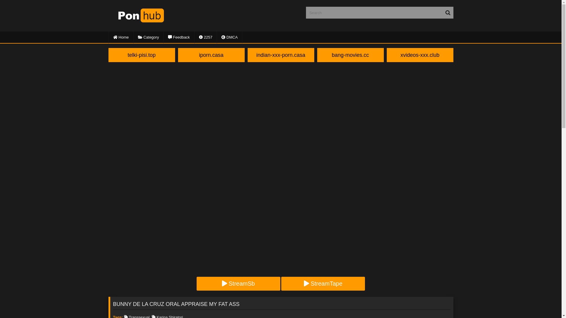 This screenshot has height=318, width=566. What do you see at coordinates (206, 37) in the screenshot?
I see `'2257'` at bounding box center [206, 37].